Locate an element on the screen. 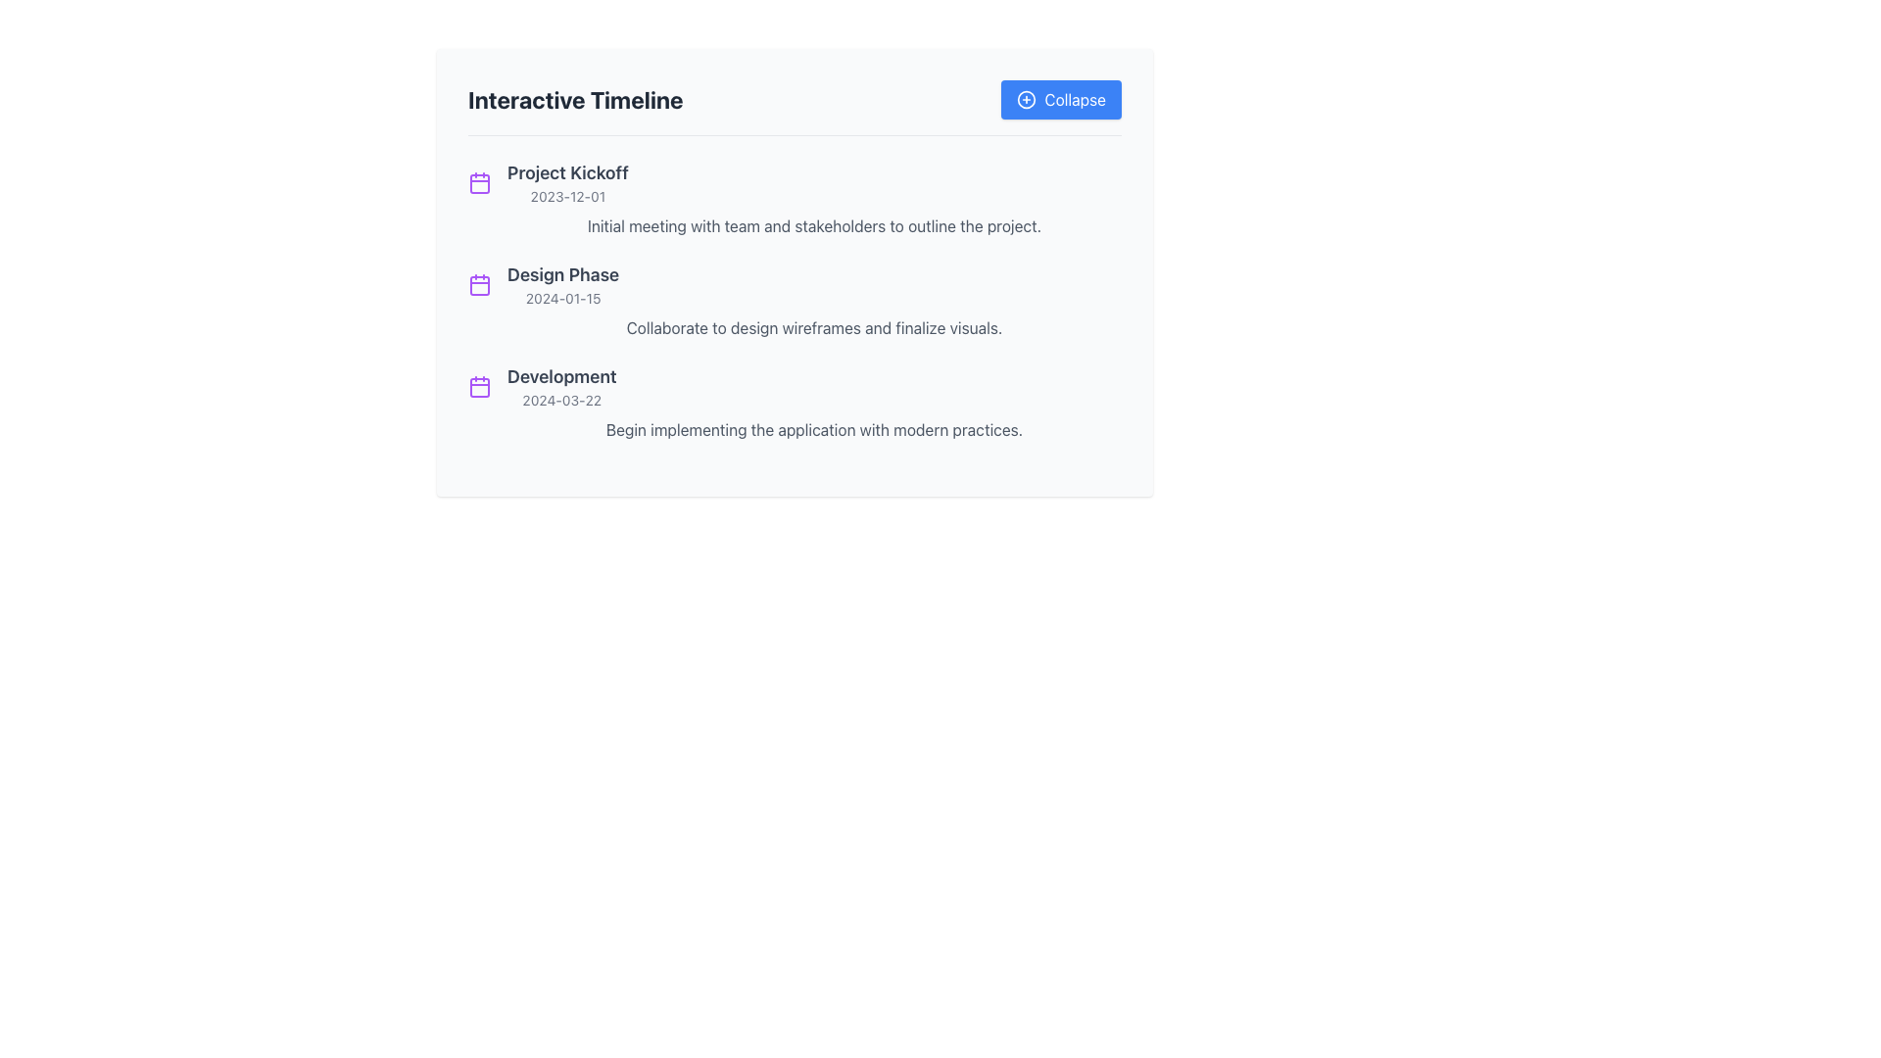 Image resolution: width=1881 pixels, height=1058 pixels. the text block representing a specific phase or milestone in the project timeline, located in the third row of the 'Interactive Timeline' section, below the 'Design Phase' entry is located at coordinates (795, 386).